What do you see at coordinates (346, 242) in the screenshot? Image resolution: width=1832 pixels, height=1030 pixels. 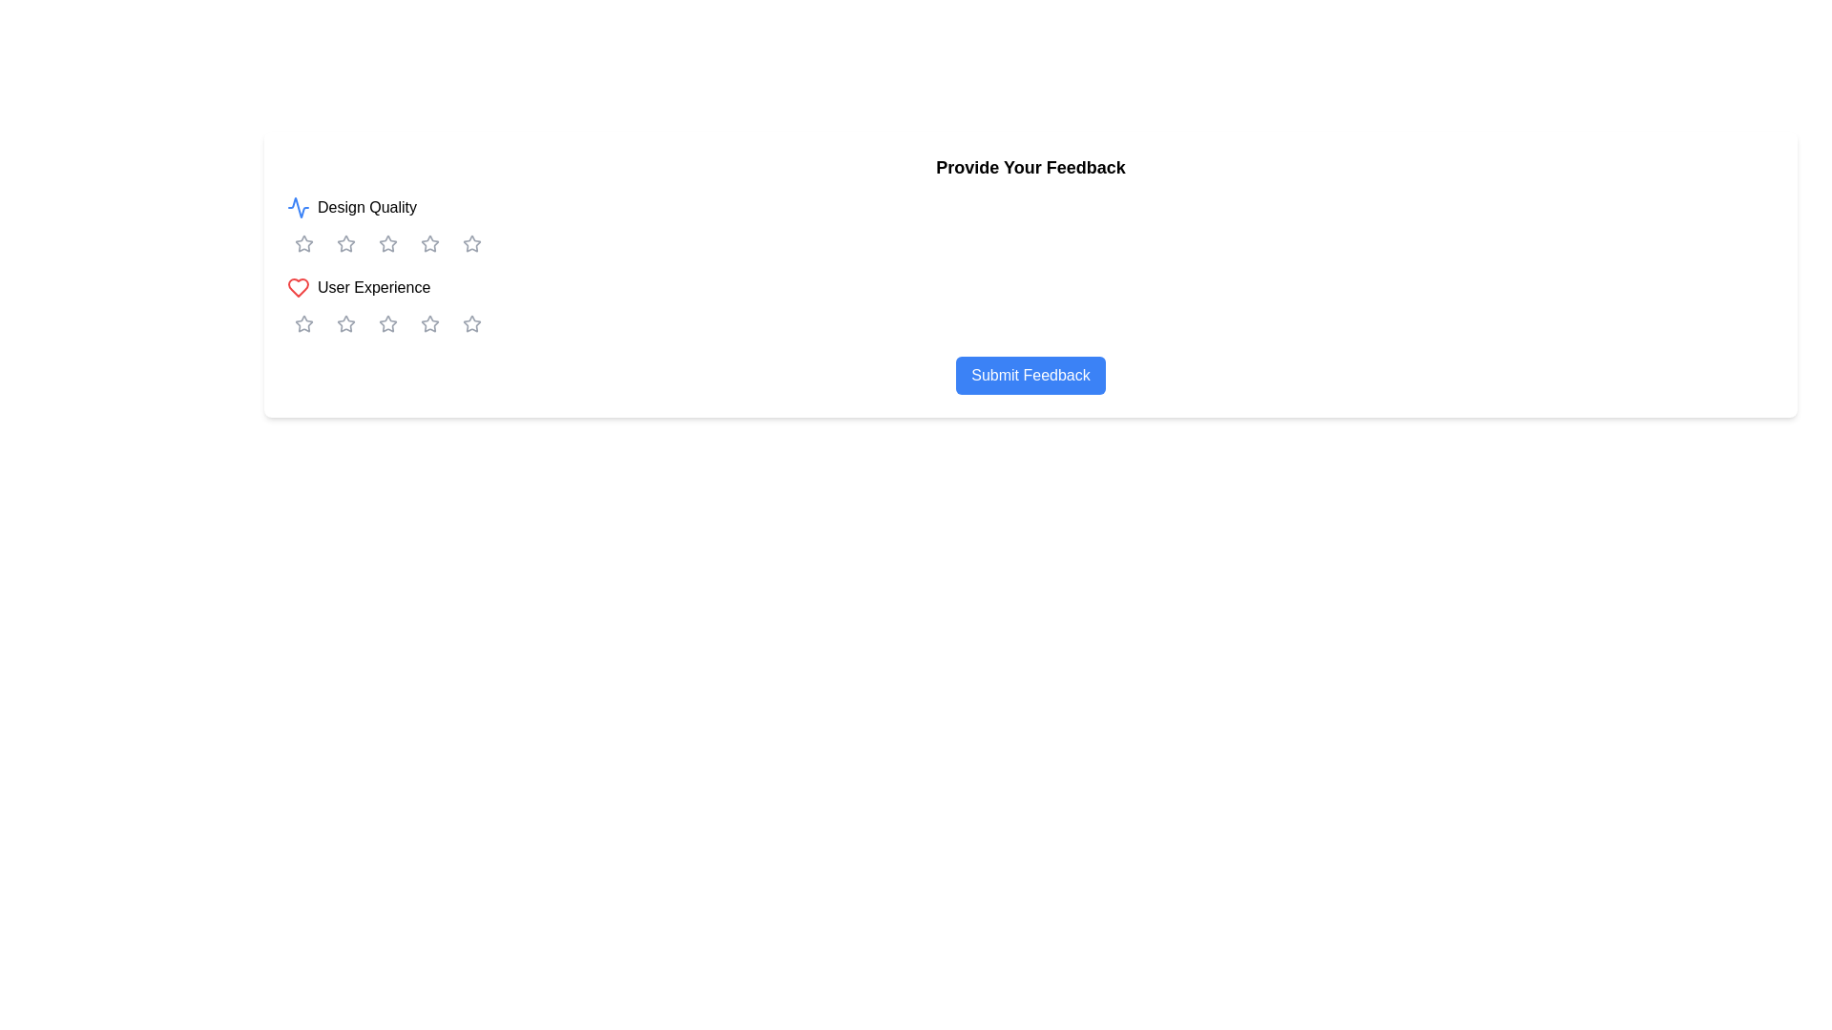 I see `the second star icon in the rating system` at bounding box center [346, 242].